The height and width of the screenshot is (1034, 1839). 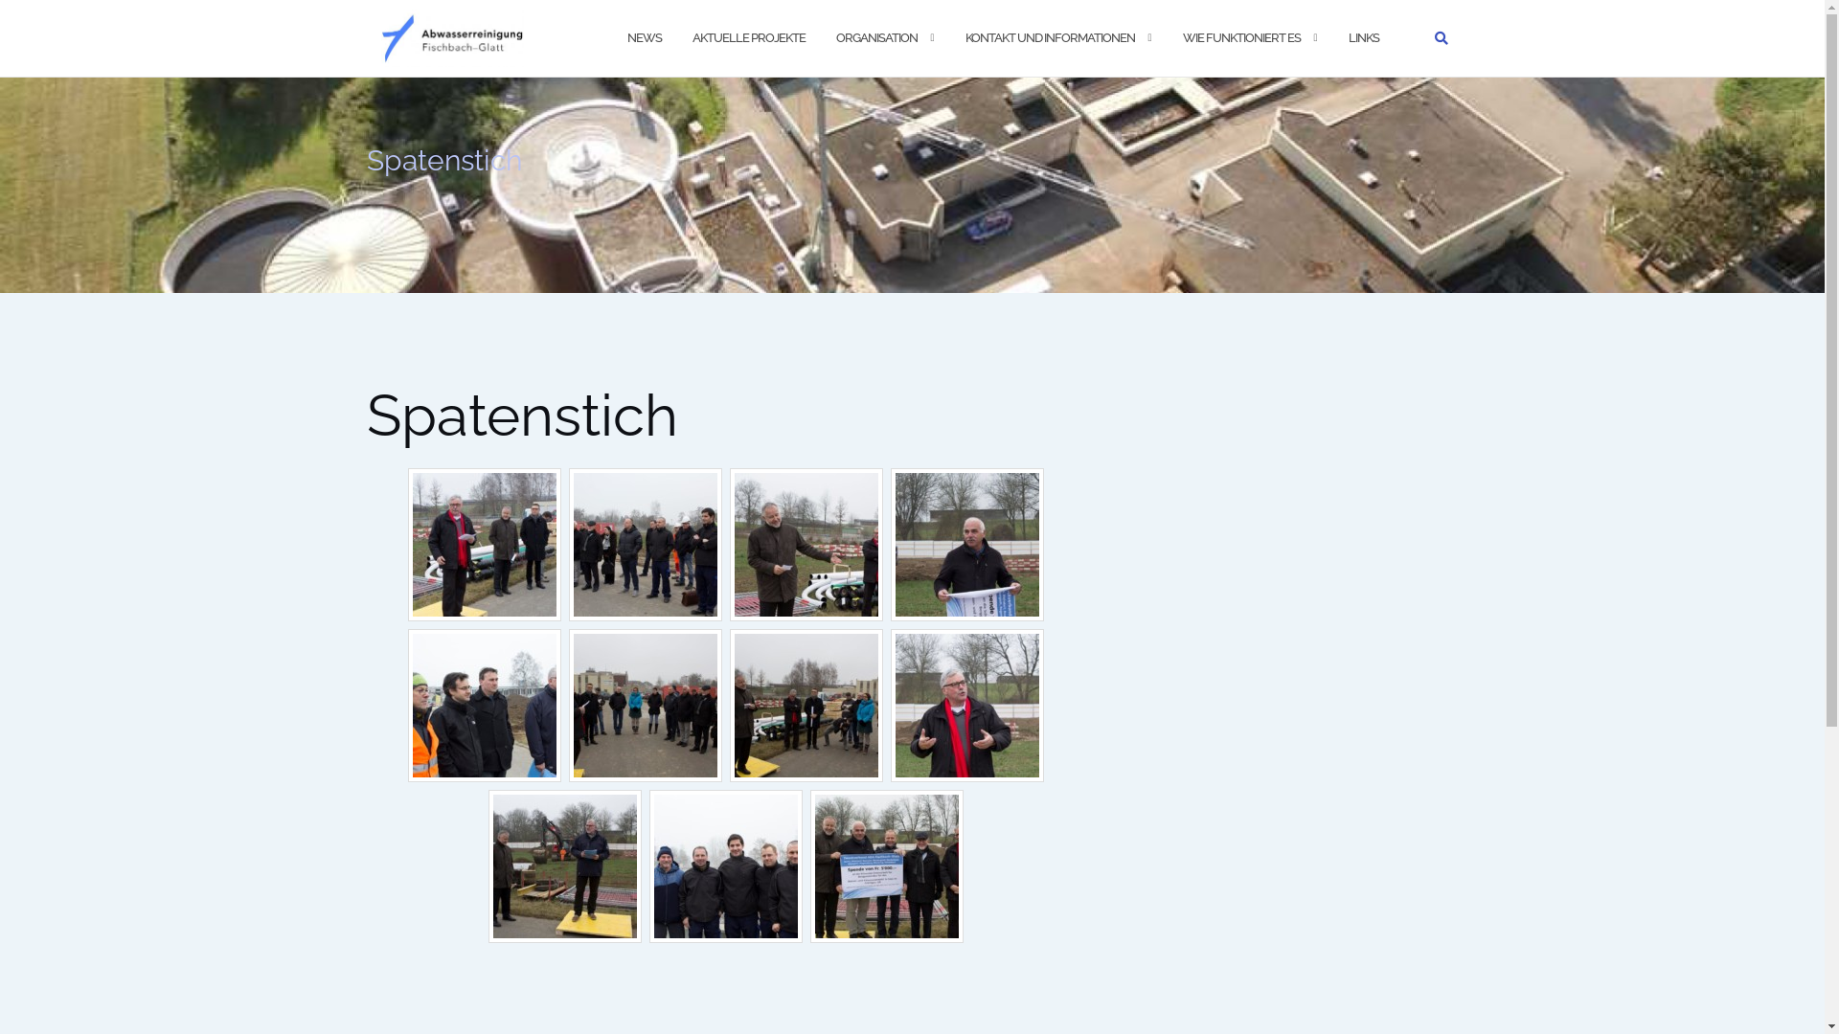 I want to click on 'ORGANISATION', so click(x=874, y=38).